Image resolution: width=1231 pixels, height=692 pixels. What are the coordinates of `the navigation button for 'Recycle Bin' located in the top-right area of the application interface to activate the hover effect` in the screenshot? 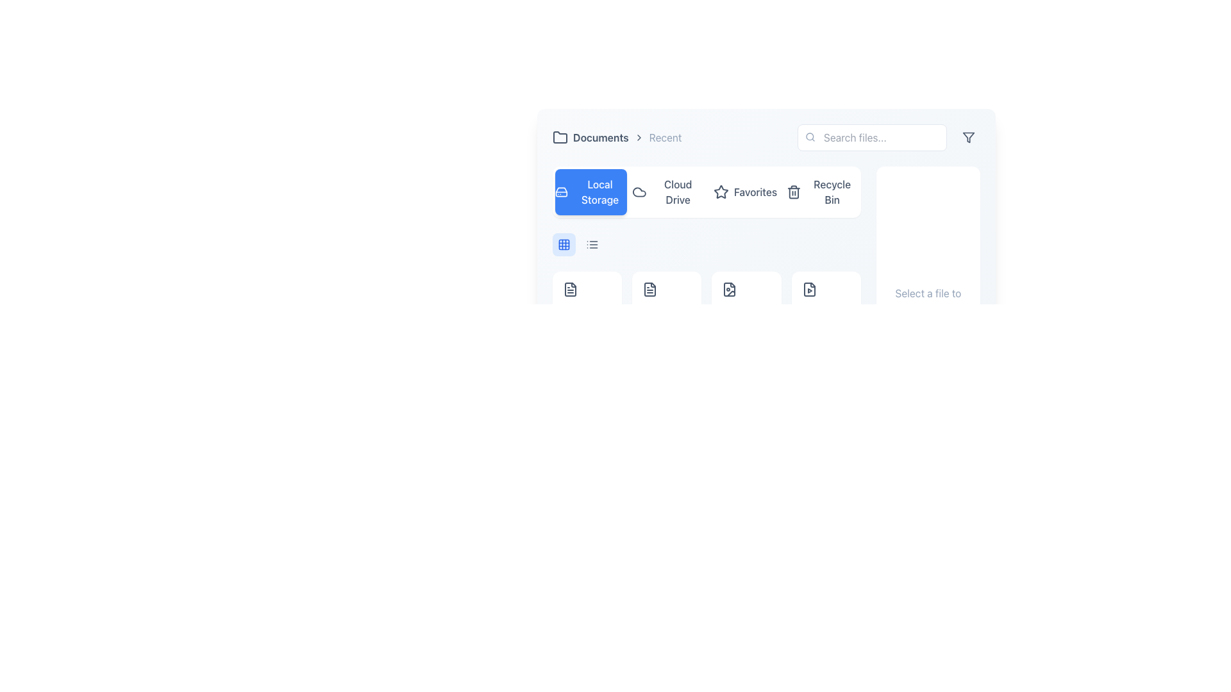 It's located at (822, 192).